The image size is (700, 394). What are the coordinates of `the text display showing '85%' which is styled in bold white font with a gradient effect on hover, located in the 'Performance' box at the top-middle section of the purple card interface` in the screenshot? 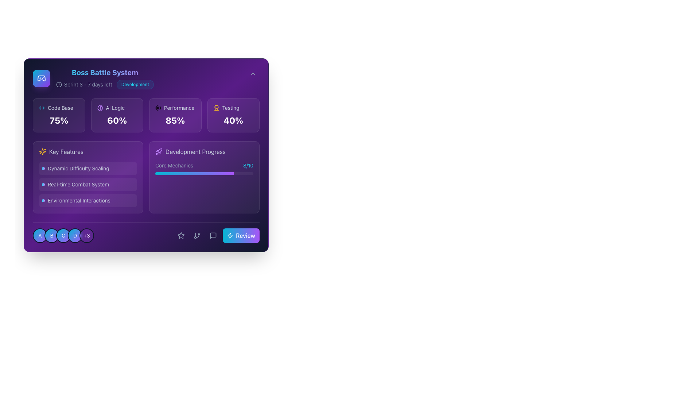 It's located at (175, 120).